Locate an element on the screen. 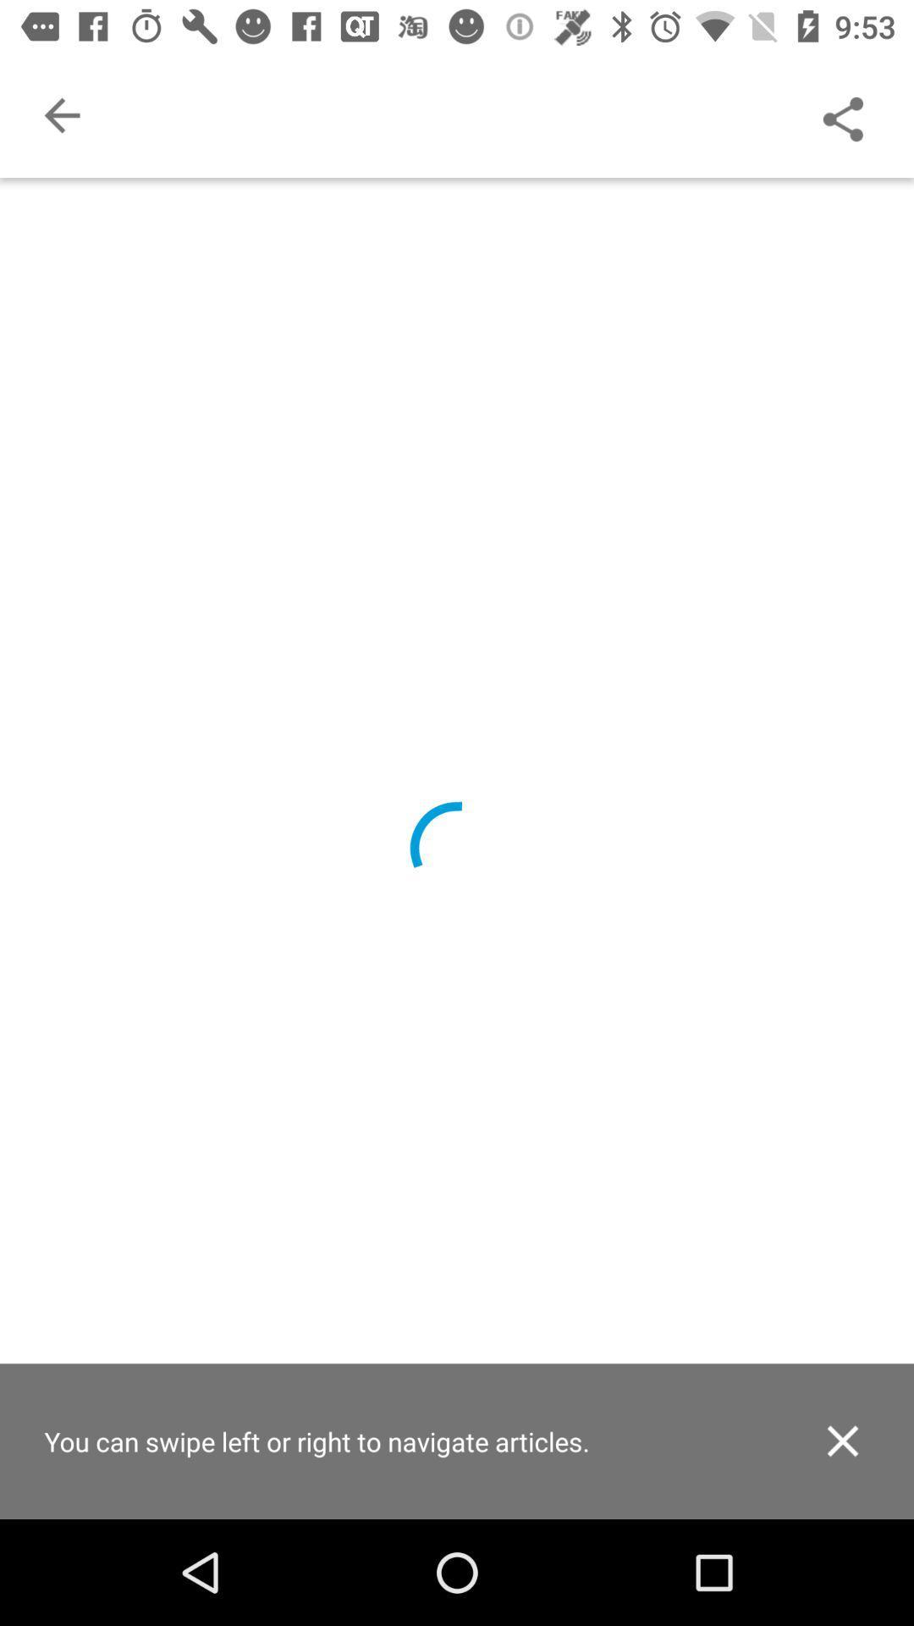  share is located at coordinates (842, 114).